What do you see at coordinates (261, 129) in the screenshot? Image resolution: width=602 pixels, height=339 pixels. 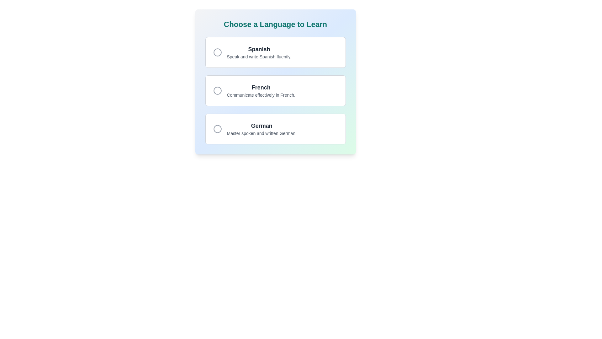 I see `information provided in the text block that describes the 'German' language learning option located at the bottom of the vertical list of language selection cards` at bounding box center [261, 129].